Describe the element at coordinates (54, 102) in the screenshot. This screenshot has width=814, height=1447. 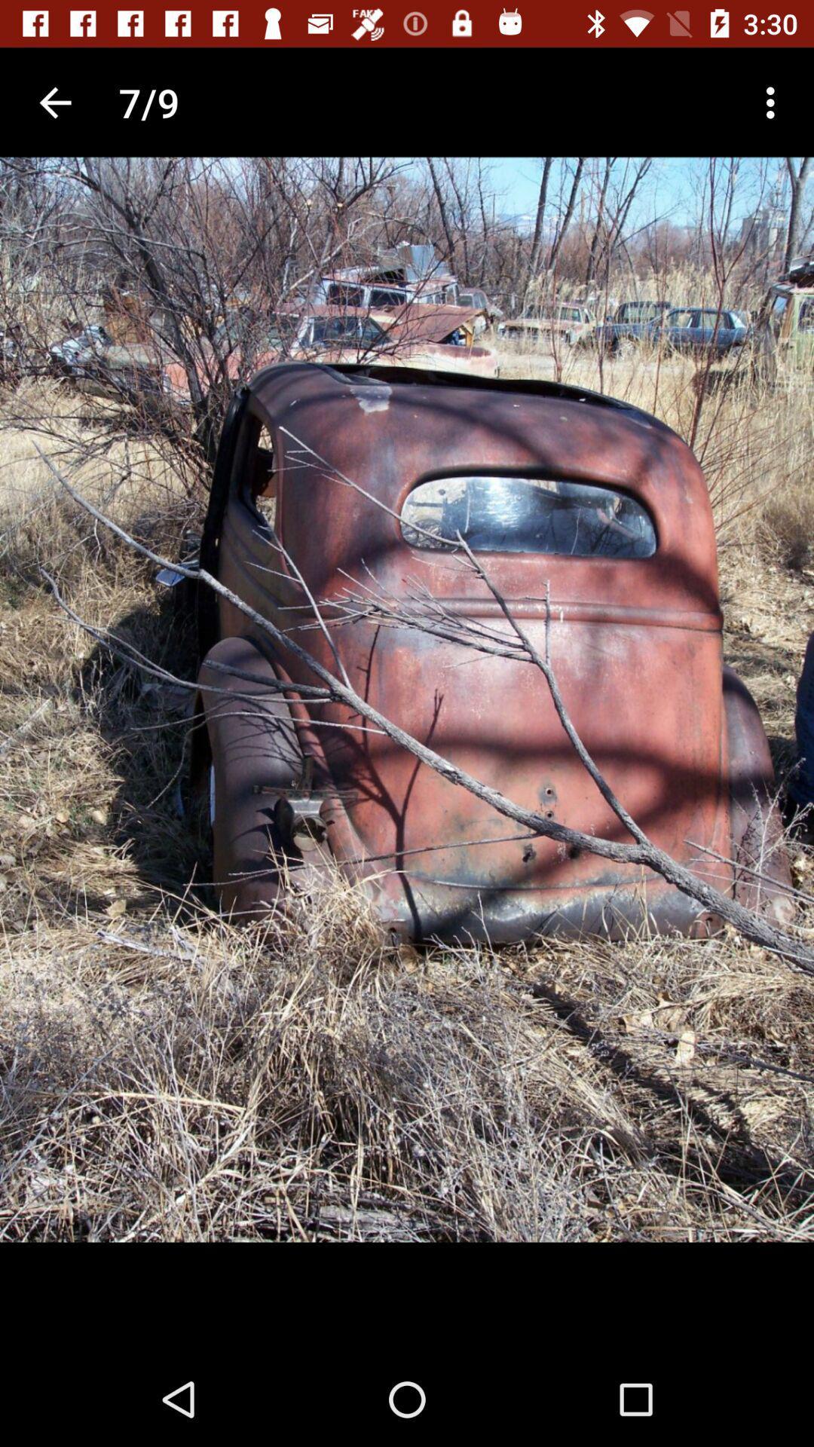
I see `the app to the left of 7/9` at that location.